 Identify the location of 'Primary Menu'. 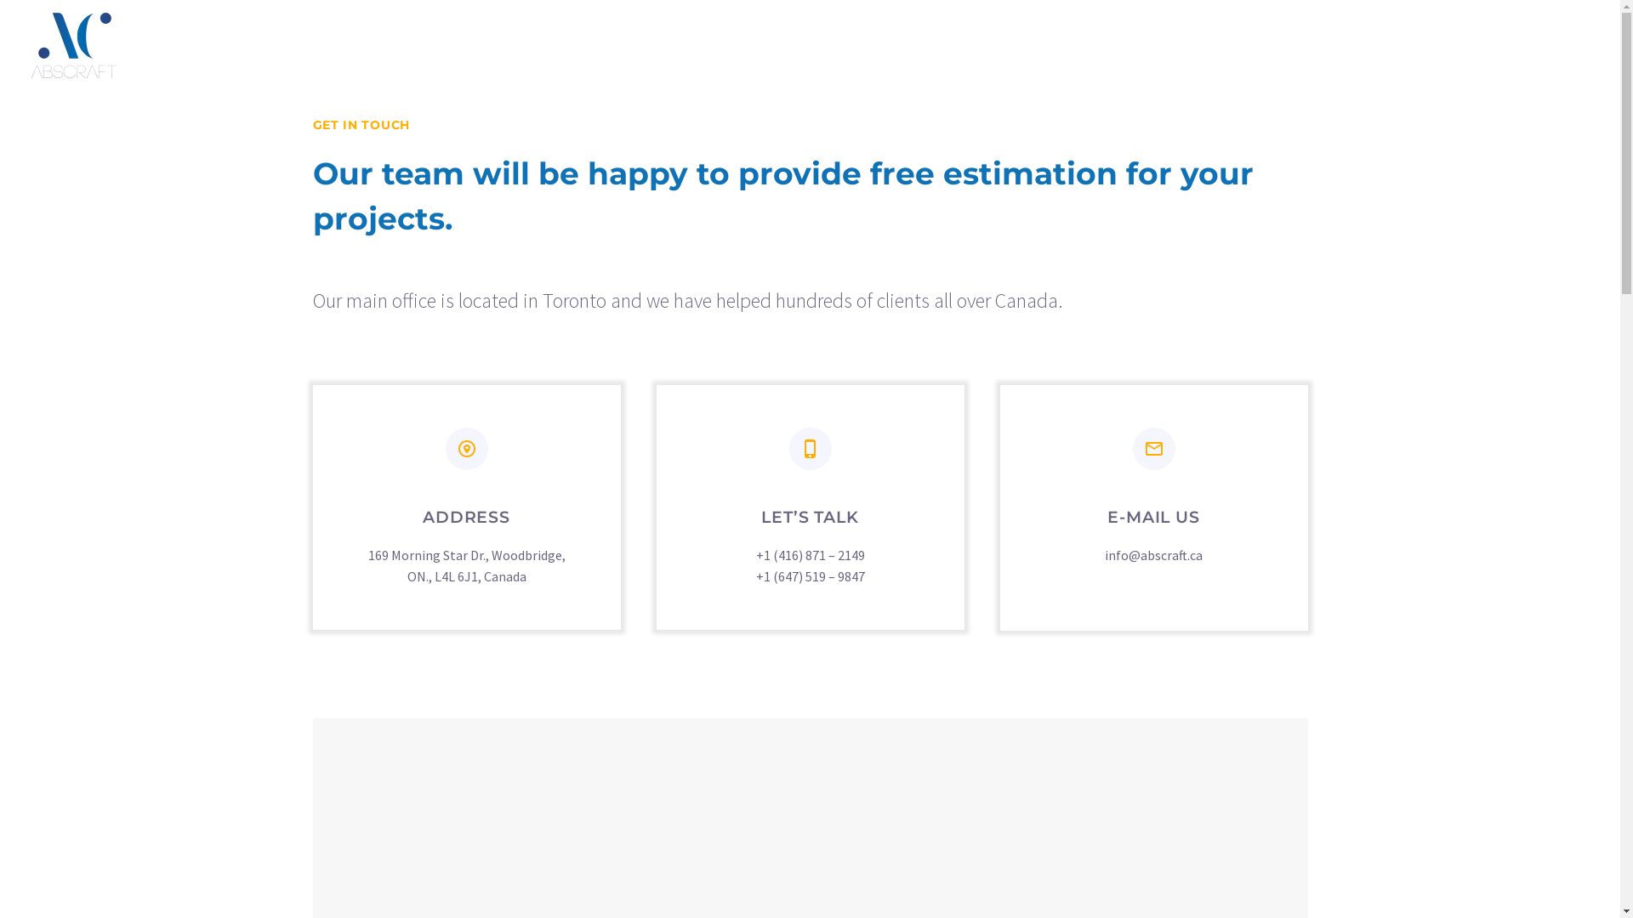
(1572, 44).